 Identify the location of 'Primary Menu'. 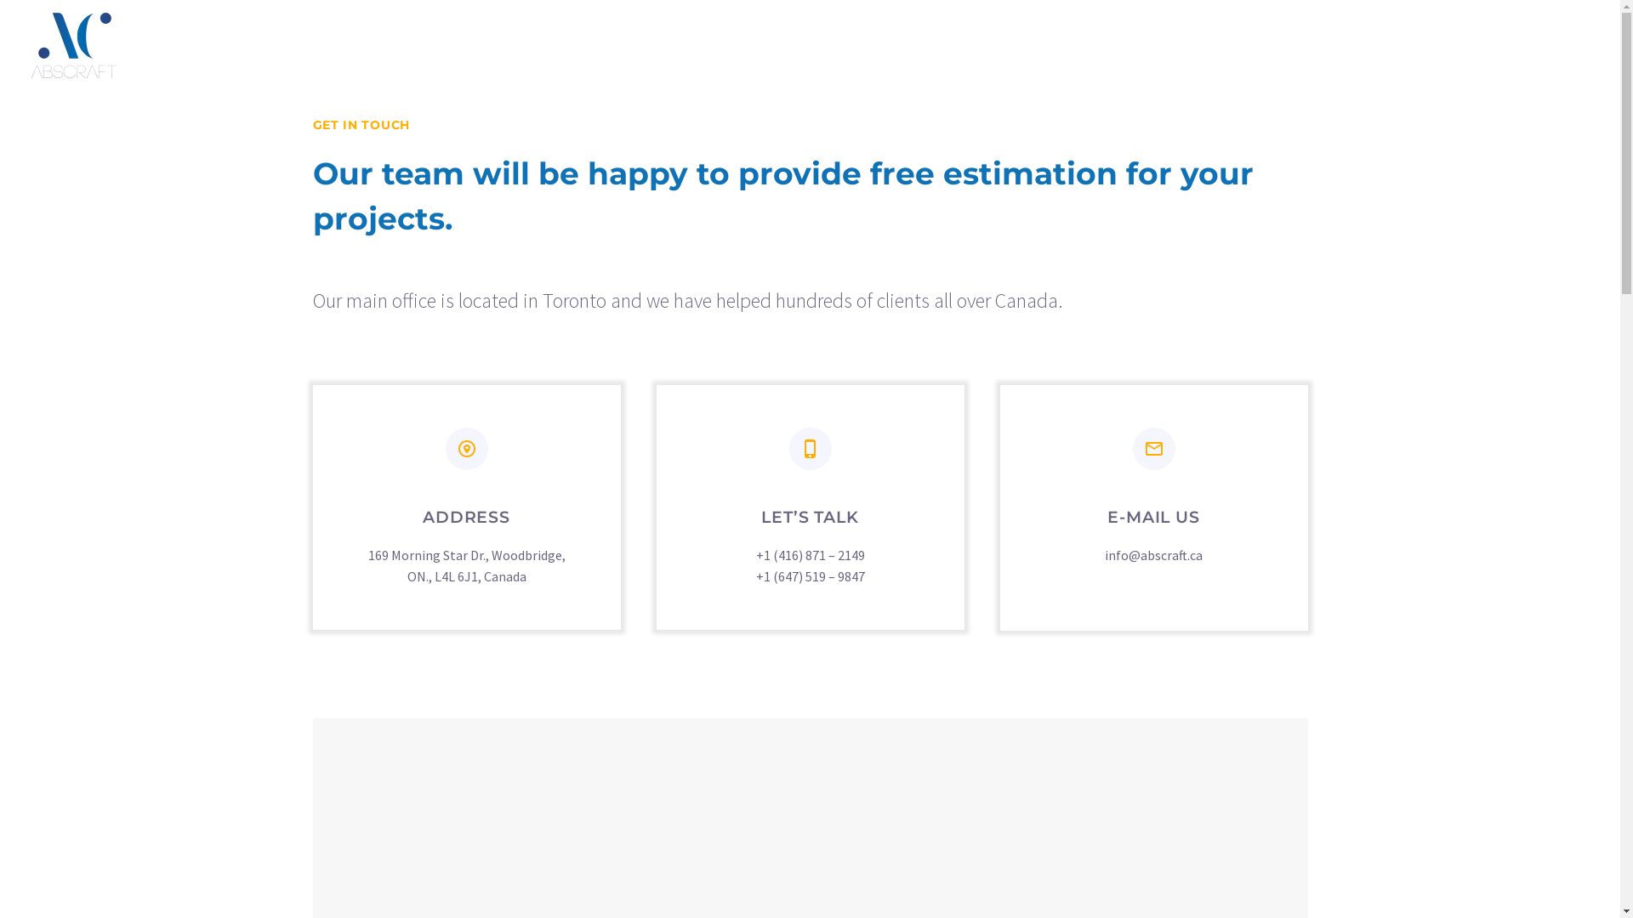
(1572, 44).